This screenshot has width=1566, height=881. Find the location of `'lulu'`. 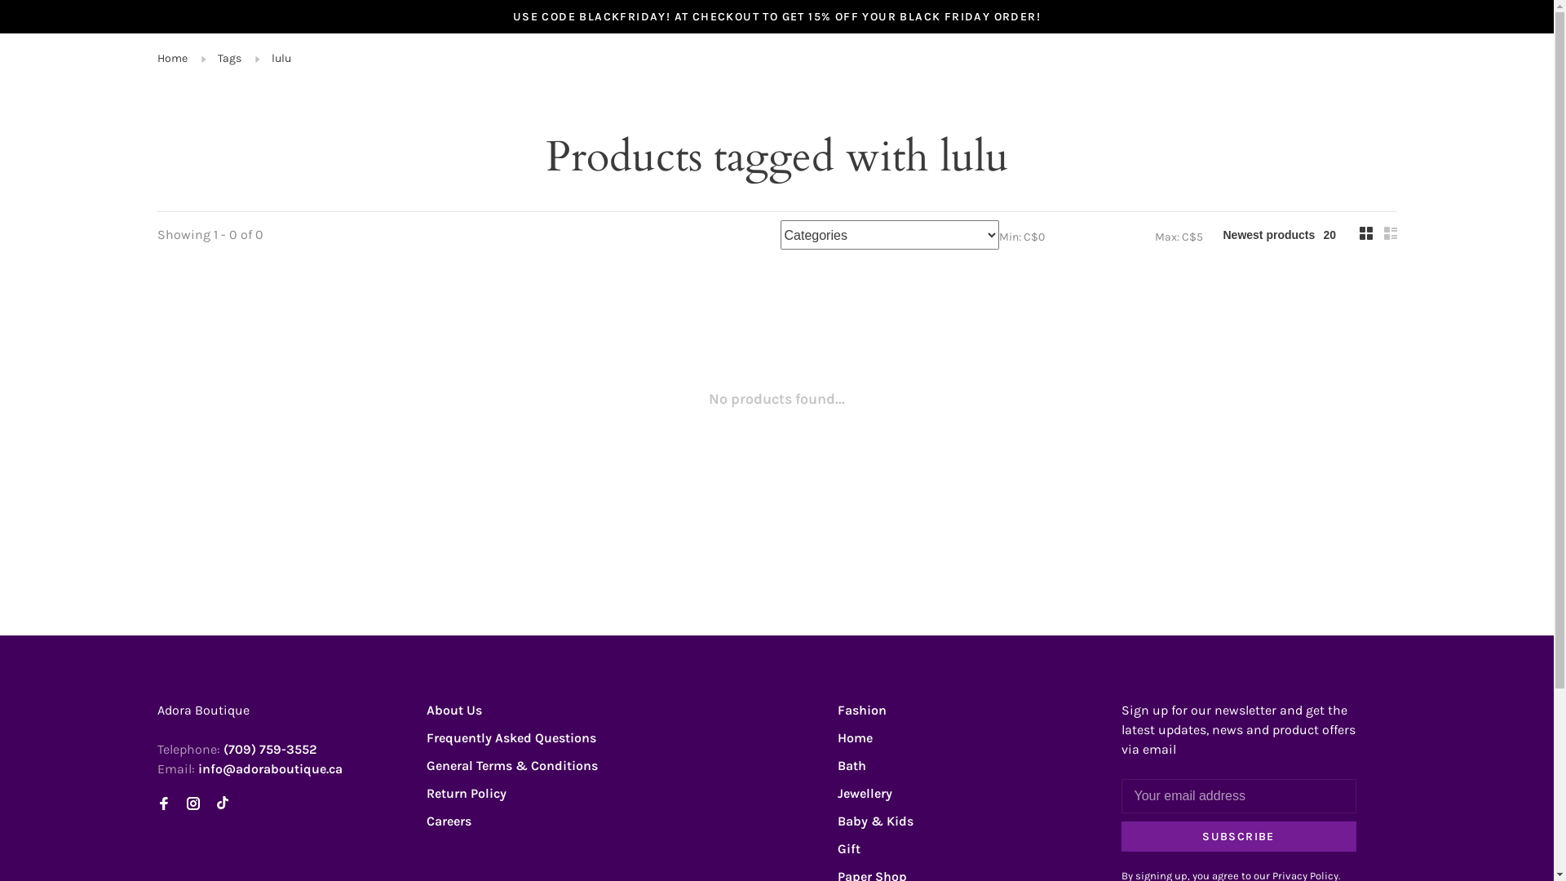

'lulu' is located at coordinates (281, 57).